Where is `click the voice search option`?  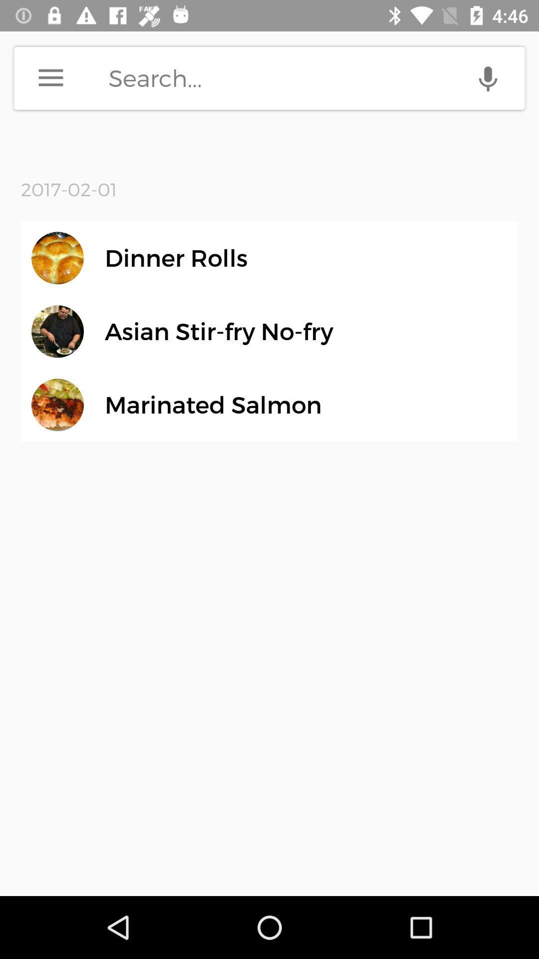 click the voice search option is located at coordinates (488, 77).